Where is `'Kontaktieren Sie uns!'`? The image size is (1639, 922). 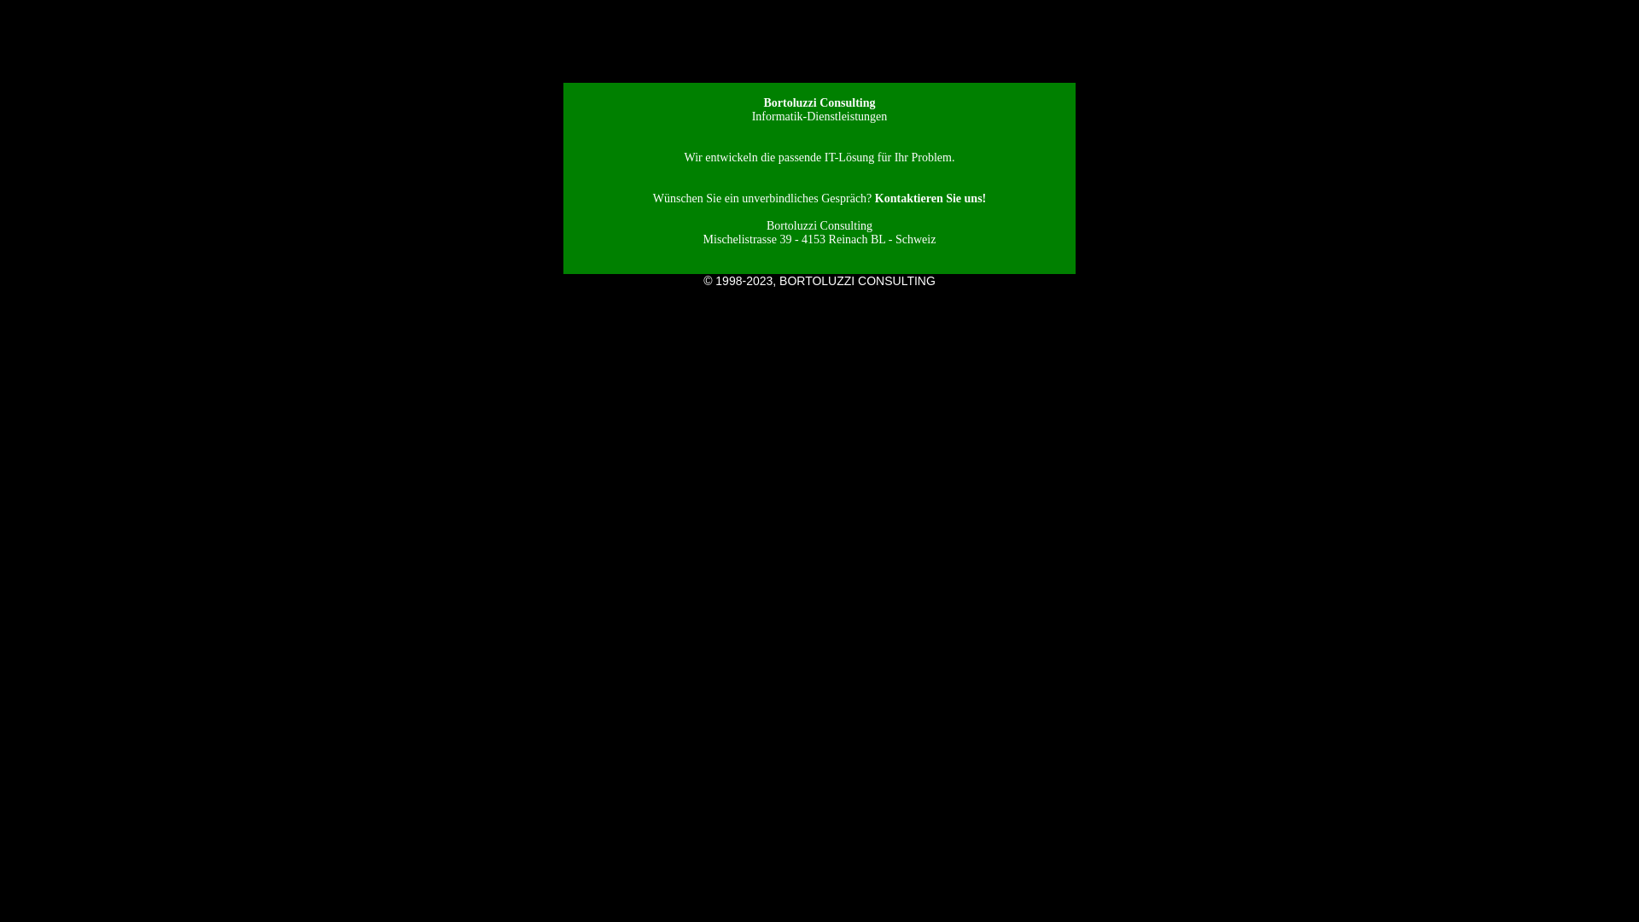 'Kontaktieren Sie uns!' is located at coordinates (929, 197).